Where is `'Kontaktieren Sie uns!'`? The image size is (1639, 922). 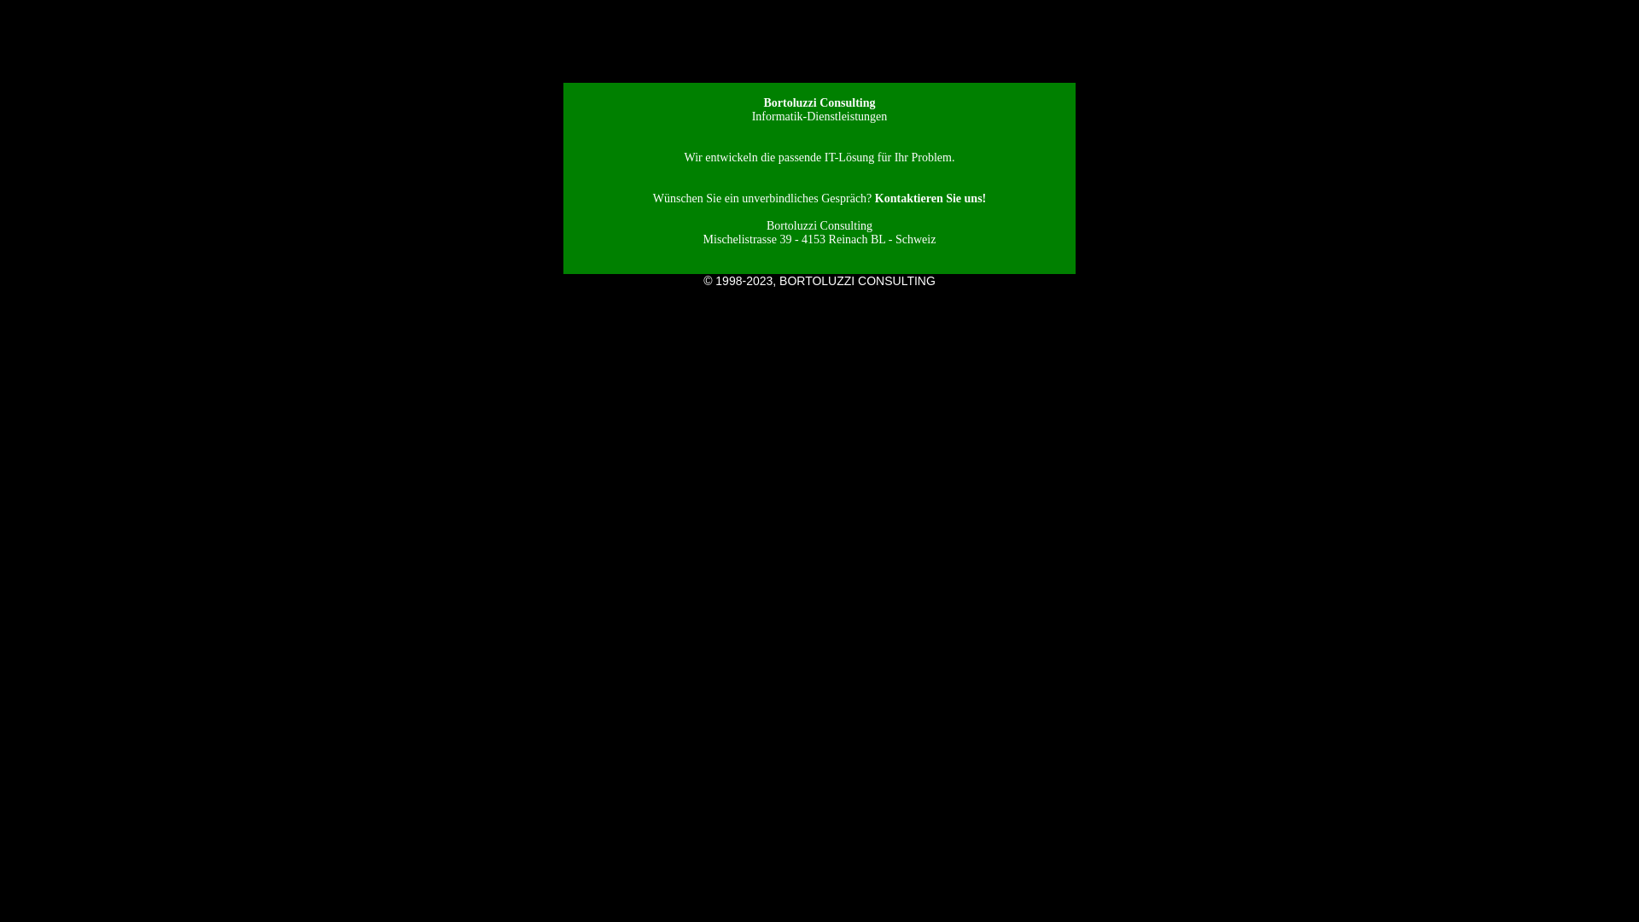 'Kontaktieren Sie uns!' is located at coordinates (929, 197).